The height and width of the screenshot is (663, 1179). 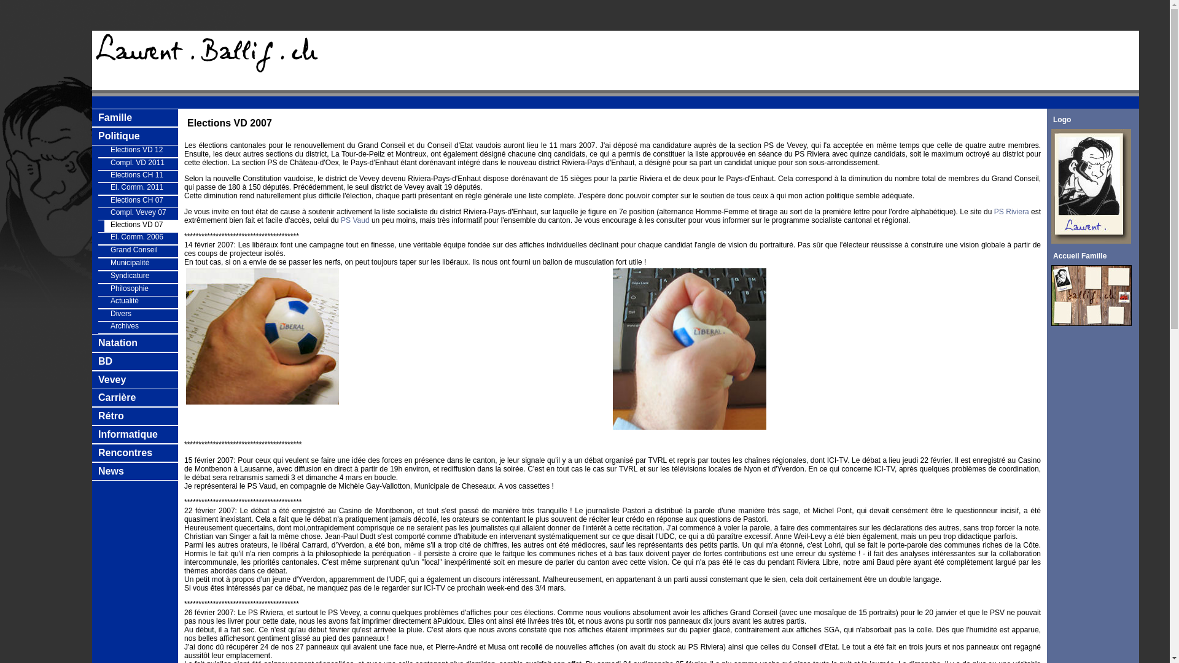 I want to click on 'Compl. Vevey 07', so click(x=141, y=213).